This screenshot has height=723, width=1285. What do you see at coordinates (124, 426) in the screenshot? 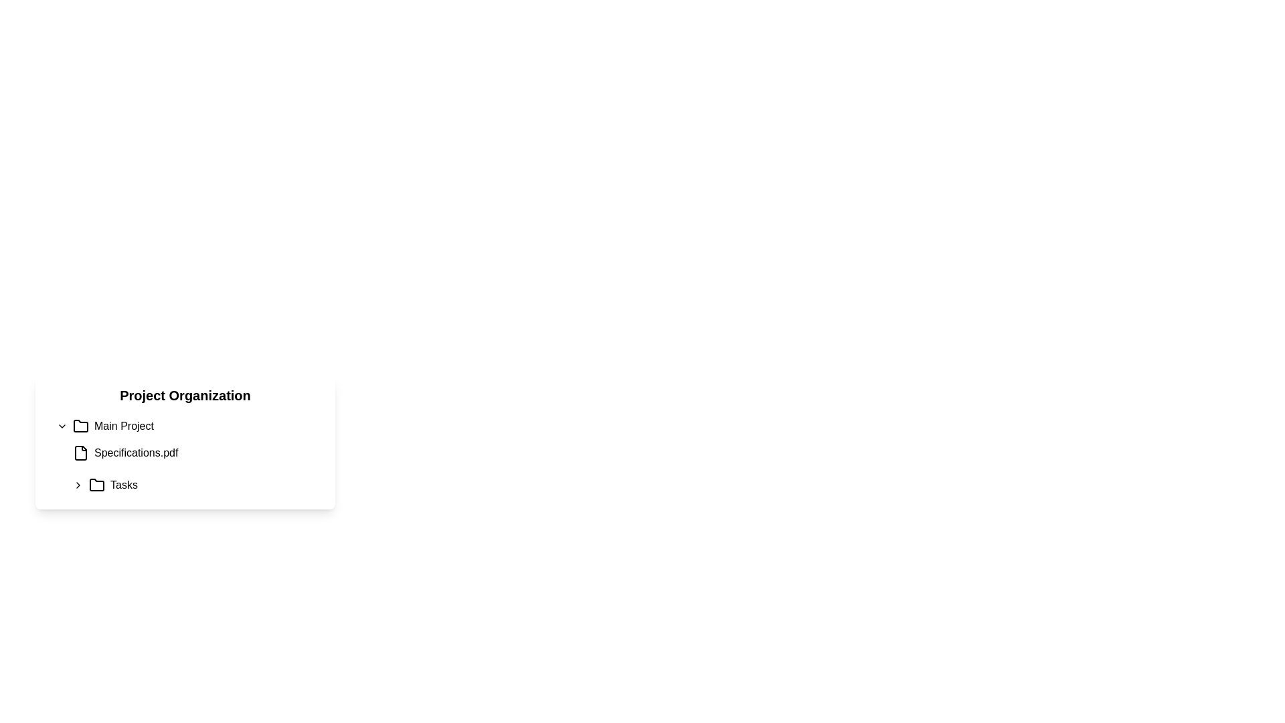
I see `the text label displaying 'Main Project' located under the 'Project Organization' header` at bounding box center [124, 426].